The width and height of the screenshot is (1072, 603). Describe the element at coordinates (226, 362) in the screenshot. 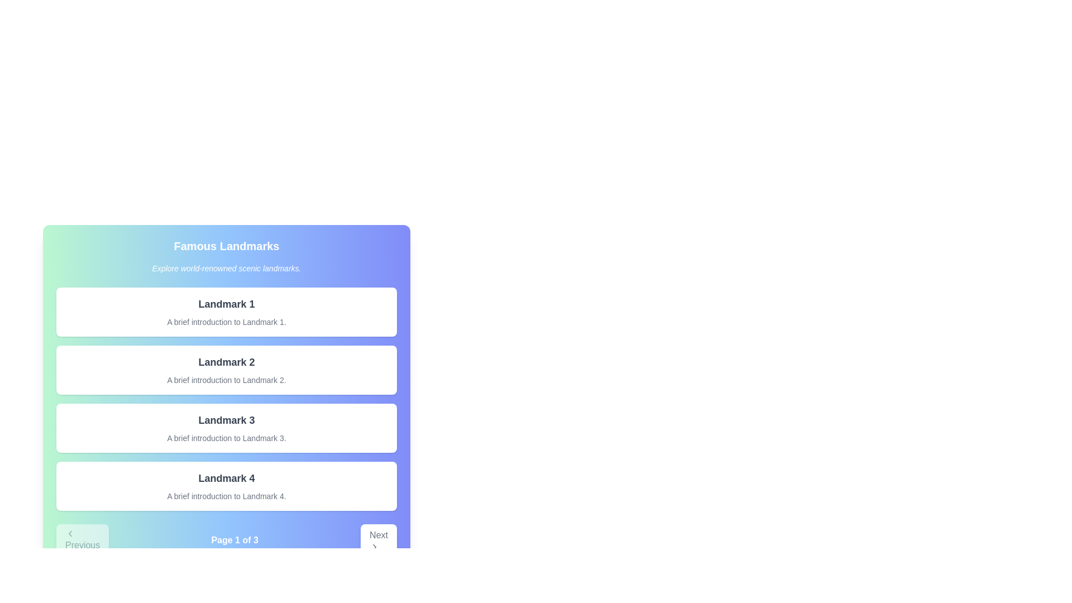

I see `the title text label element for 'Landmark 2' located at the top of the second card in a vertical list of cards` at that location.